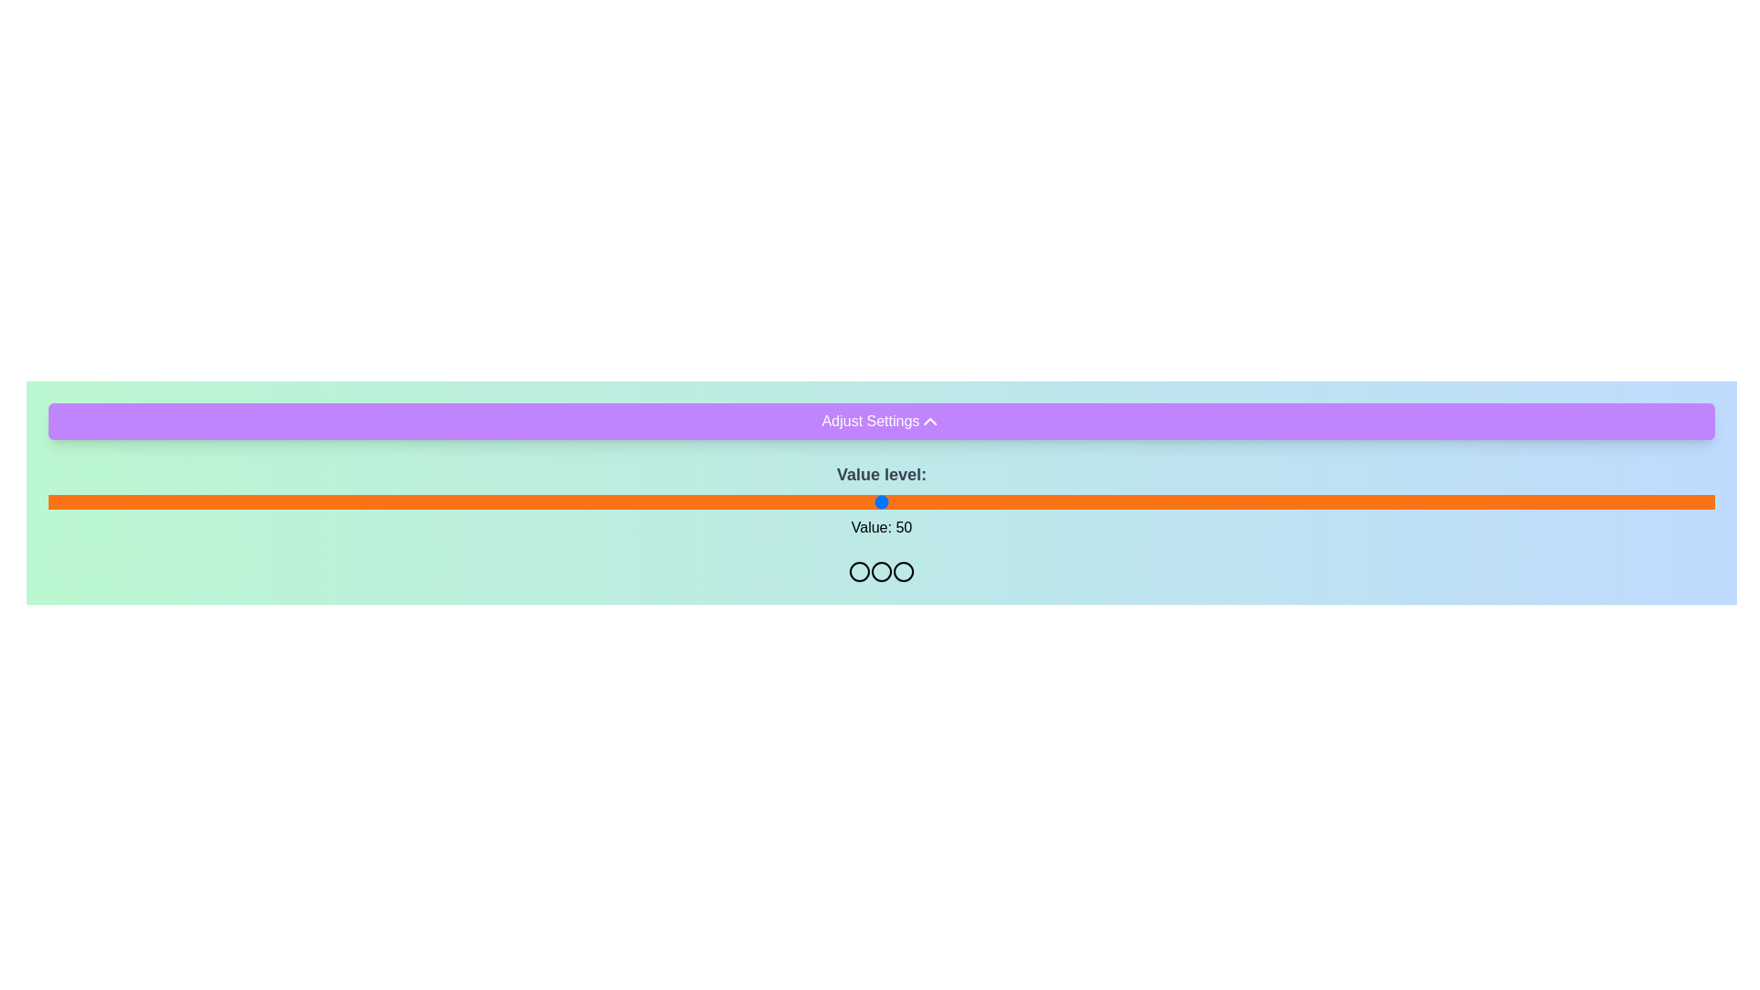 The image size is (1760, 990). What do you see at coordinates (598, 501) in the screenshot?
I see `the slider to set its value to 33` at bounding box center [598, 501].